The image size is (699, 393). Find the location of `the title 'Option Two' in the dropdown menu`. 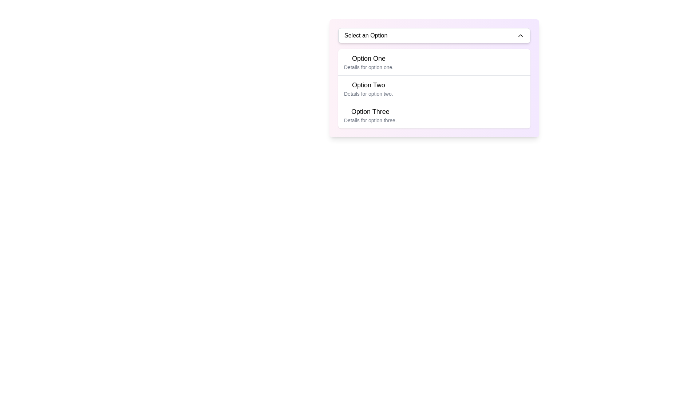

the title 'Option Two' in the dropdown menu is located at coordinates (368, 88).